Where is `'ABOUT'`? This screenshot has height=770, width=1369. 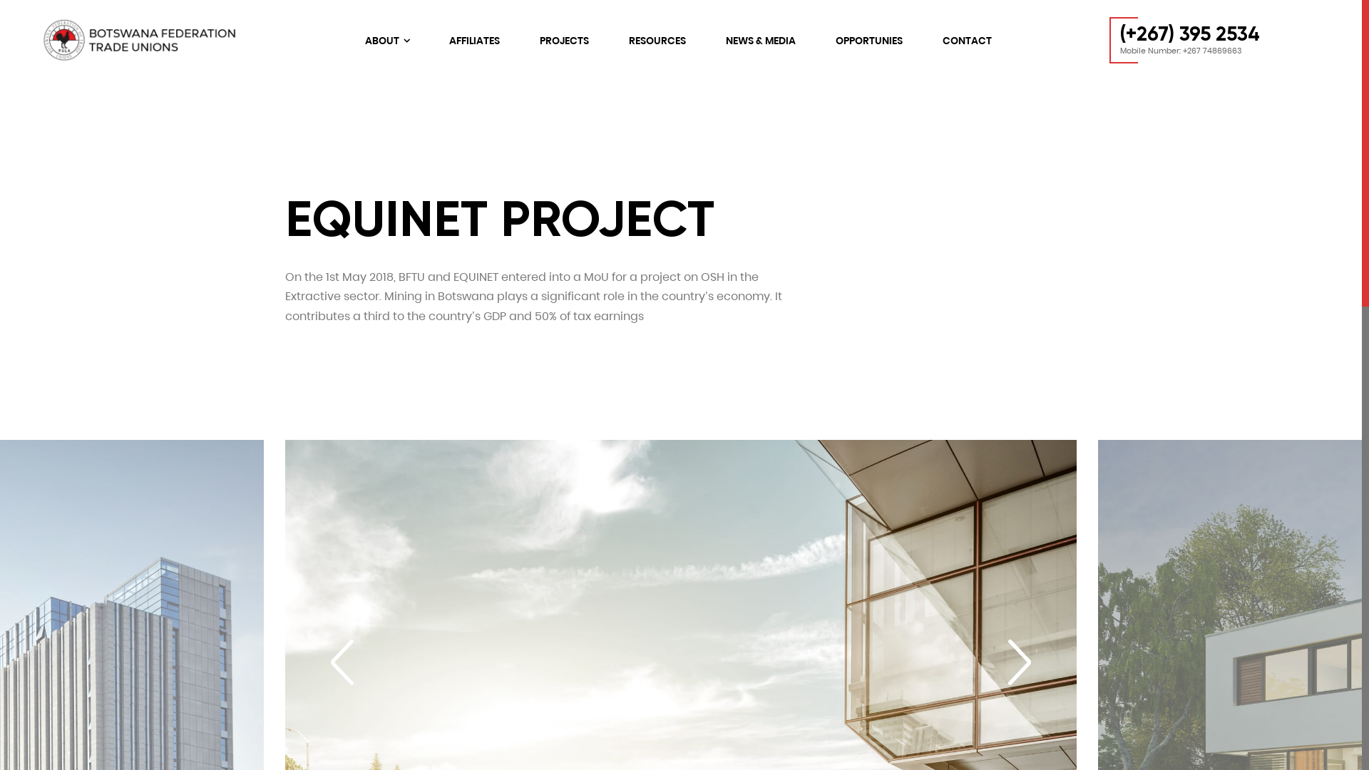 'ABOUT' is located at coordinates (365, 40).